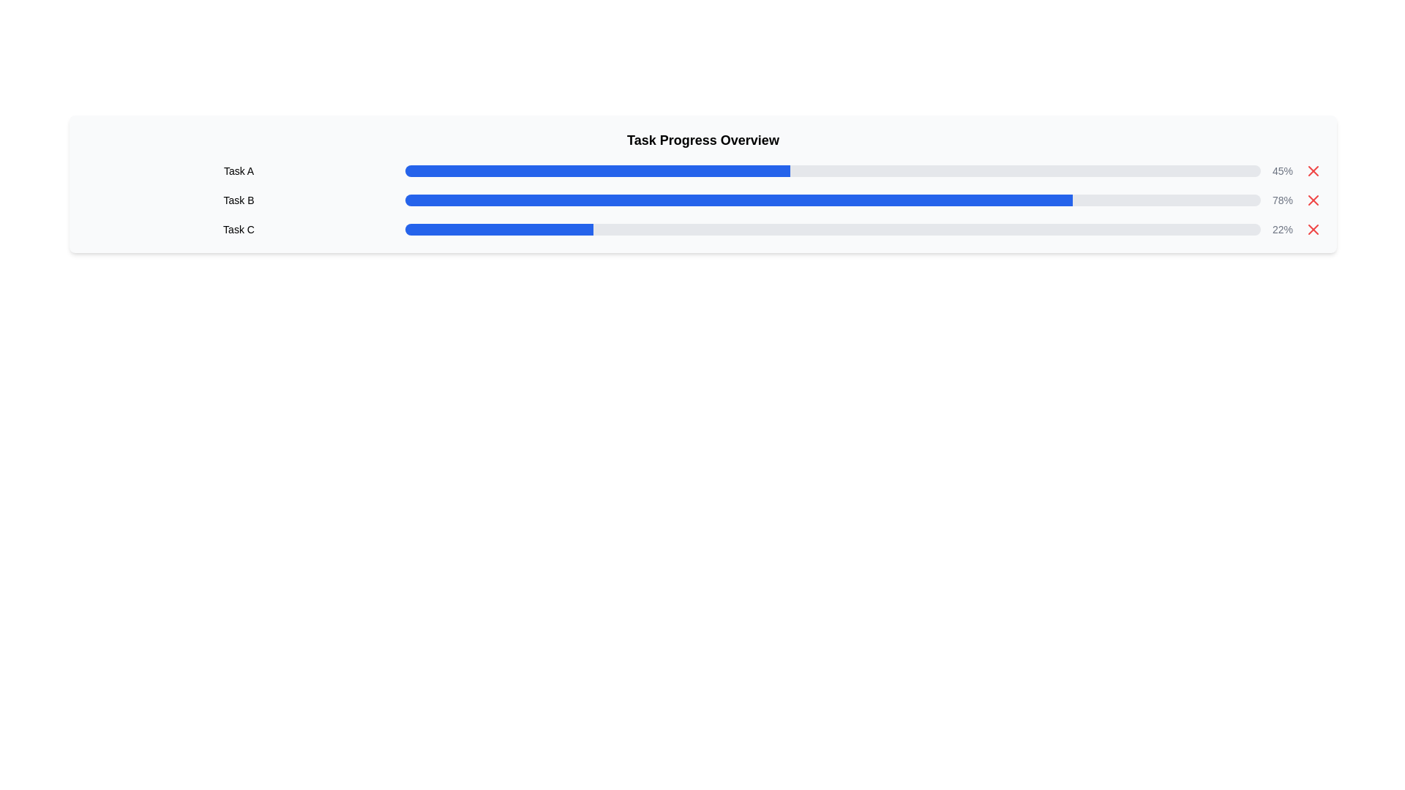 The width and height of the screenshot is (1405, 790). I want to click on the delete or cancel icon located to the far right of the second progress bar, next to the percentage value '78%' and aligned with the task label 'Task B', so click(1314, 200).